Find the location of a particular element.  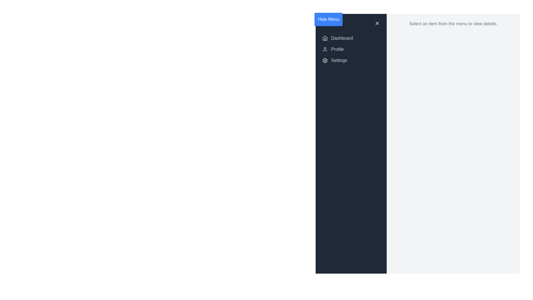

the 'Settings' text label in the vertical navigation bar is located at coordinates (339, 61).